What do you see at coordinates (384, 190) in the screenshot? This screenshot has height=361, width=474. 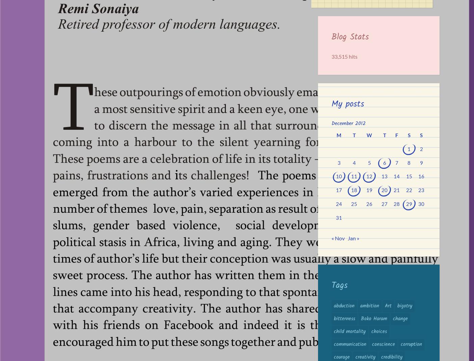 I see `'20'` at bounding box center [384, 190].